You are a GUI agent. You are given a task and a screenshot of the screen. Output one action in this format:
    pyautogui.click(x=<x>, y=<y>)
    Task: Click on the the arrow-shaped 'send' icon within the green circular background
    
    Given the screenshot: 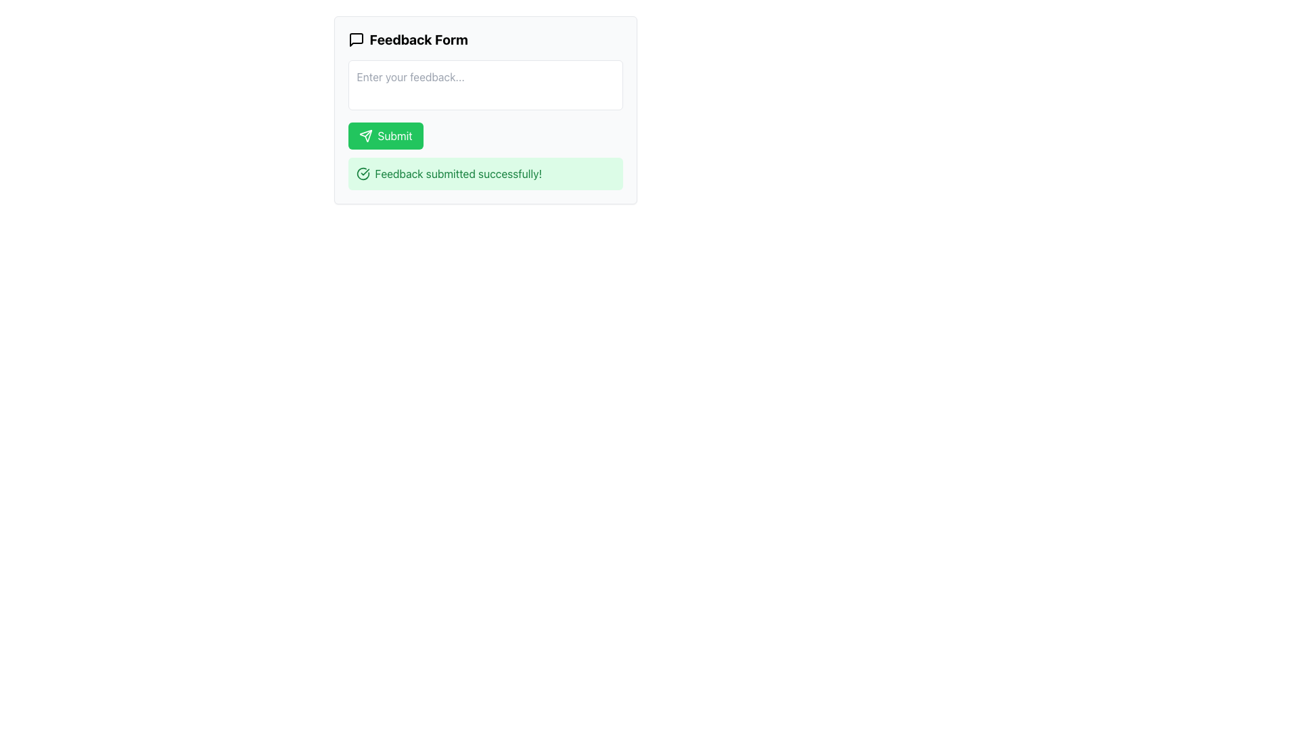 What is the action you would take?
    pyautogui.click(x=365, y=135)
    